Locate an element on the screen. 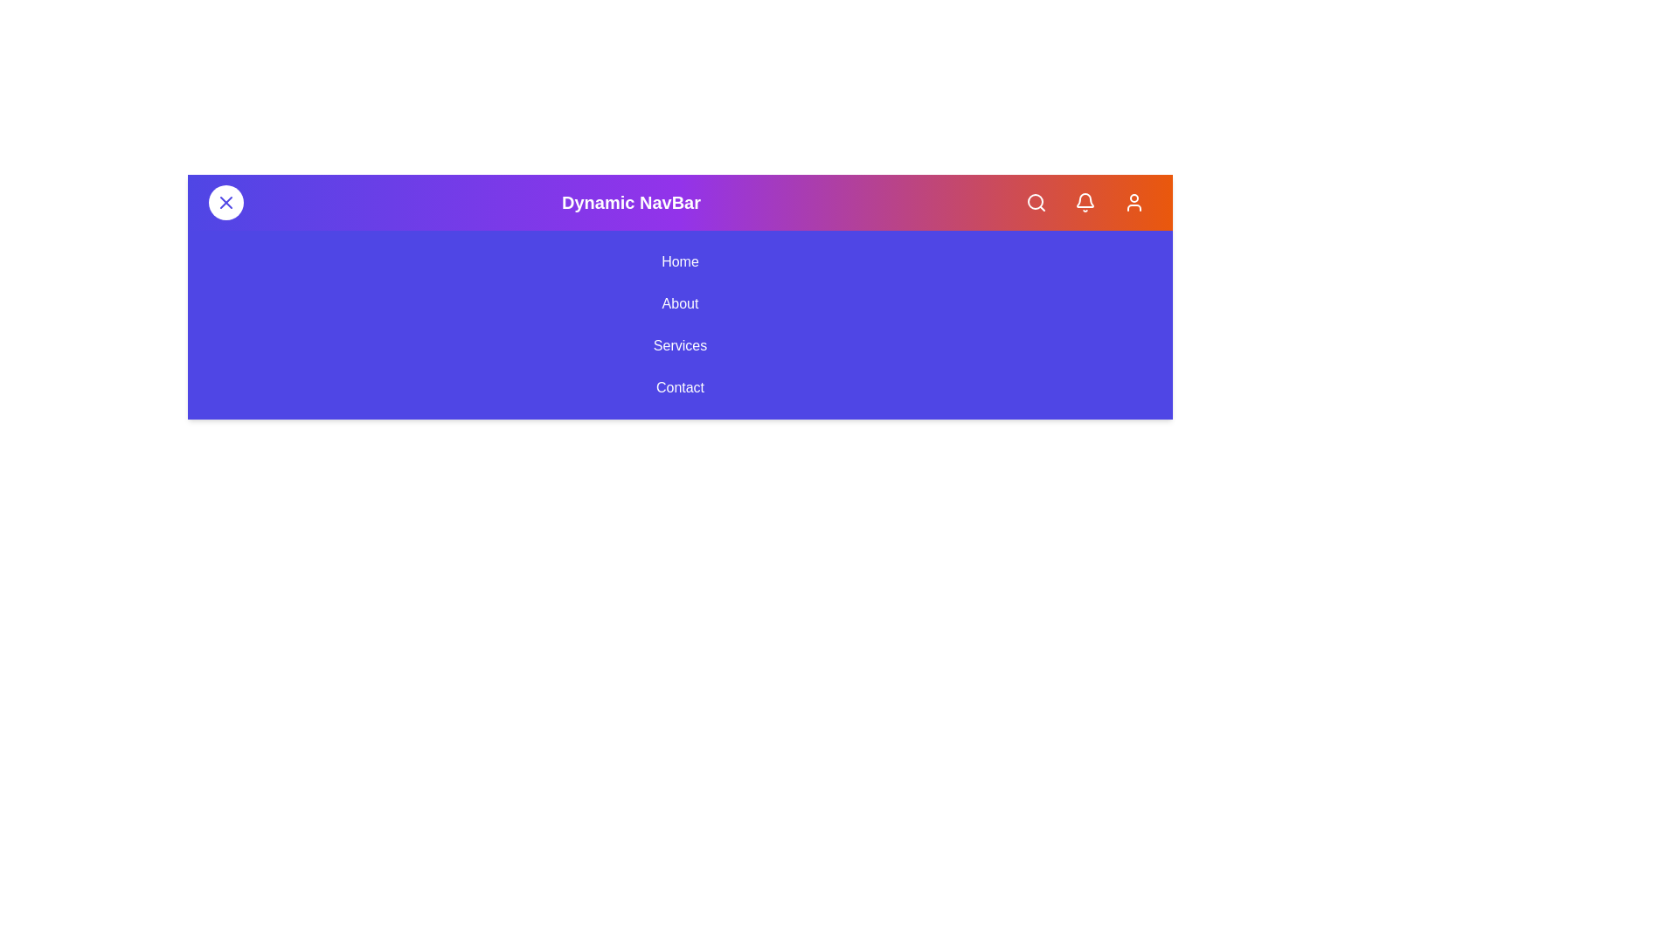 The image size is (1678, 944). the Search button in the app bar is located at coordinates (1036, 201).